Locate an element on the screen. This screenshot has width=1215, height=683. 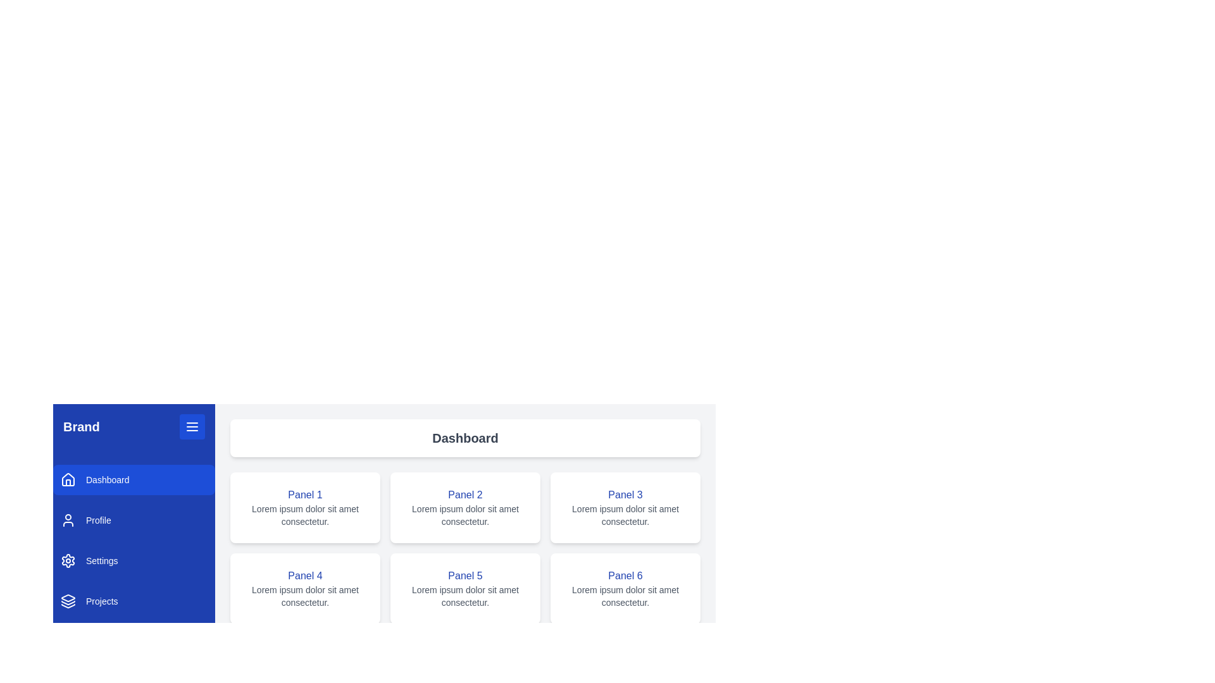
the user icon in the left navigation bar is located at coordinates (68, 520).